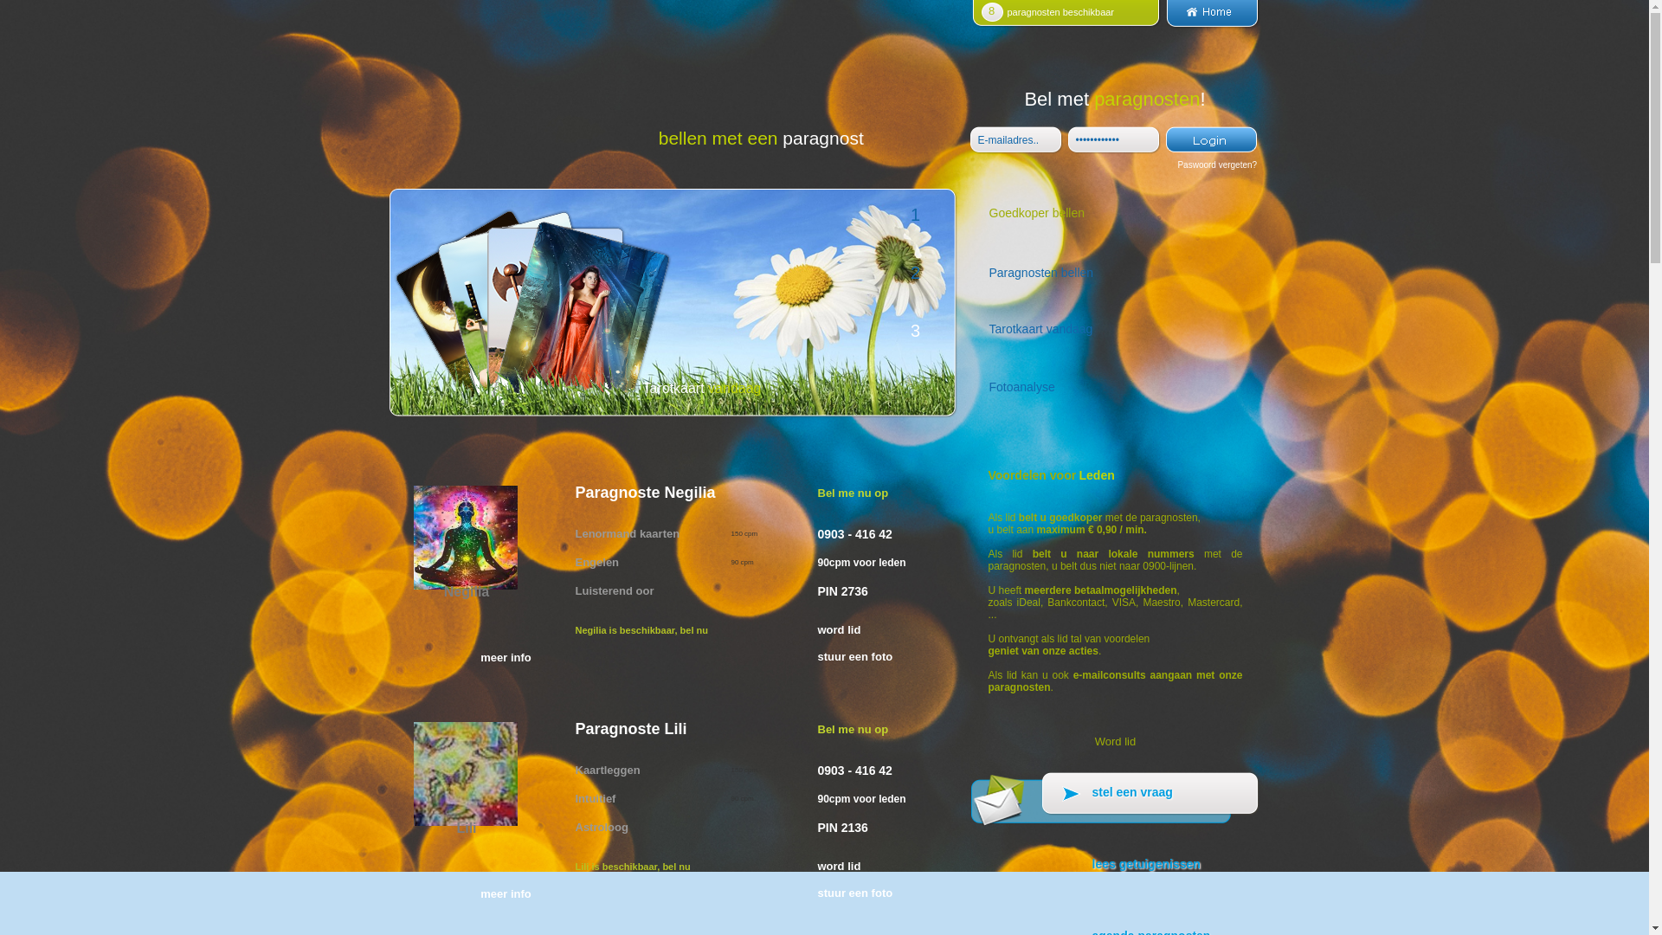 This screenshot has height=935, width=1662. Describe the element at coordinates (971, 216) in the screenshot. I see `'Goedkoper bellen'` at that location.